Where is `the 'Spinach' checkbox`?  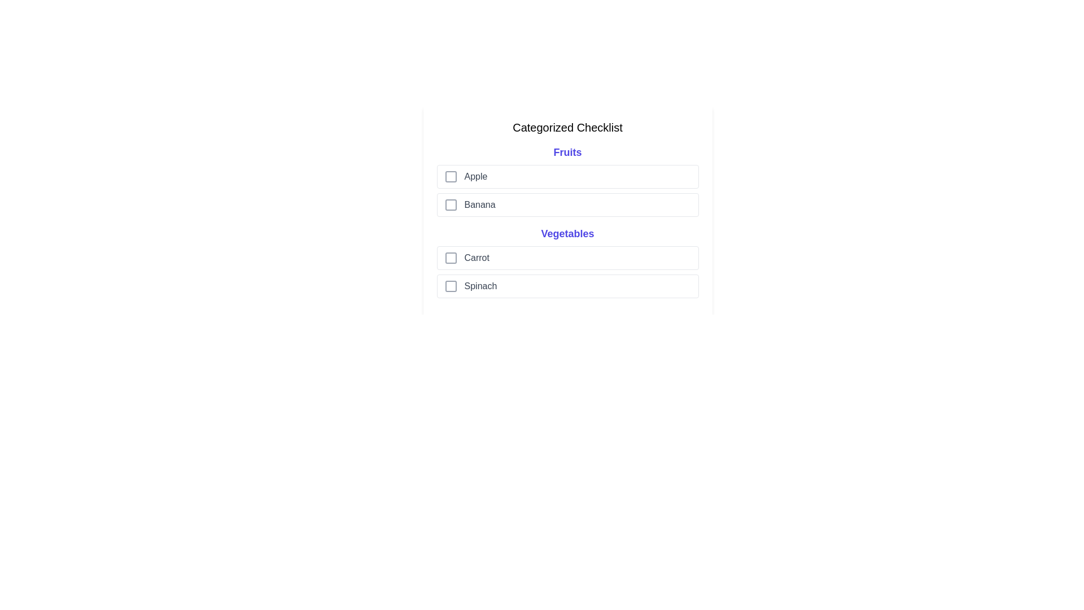
the 'Spinach' checkbox is located at coordinates (450, 285).